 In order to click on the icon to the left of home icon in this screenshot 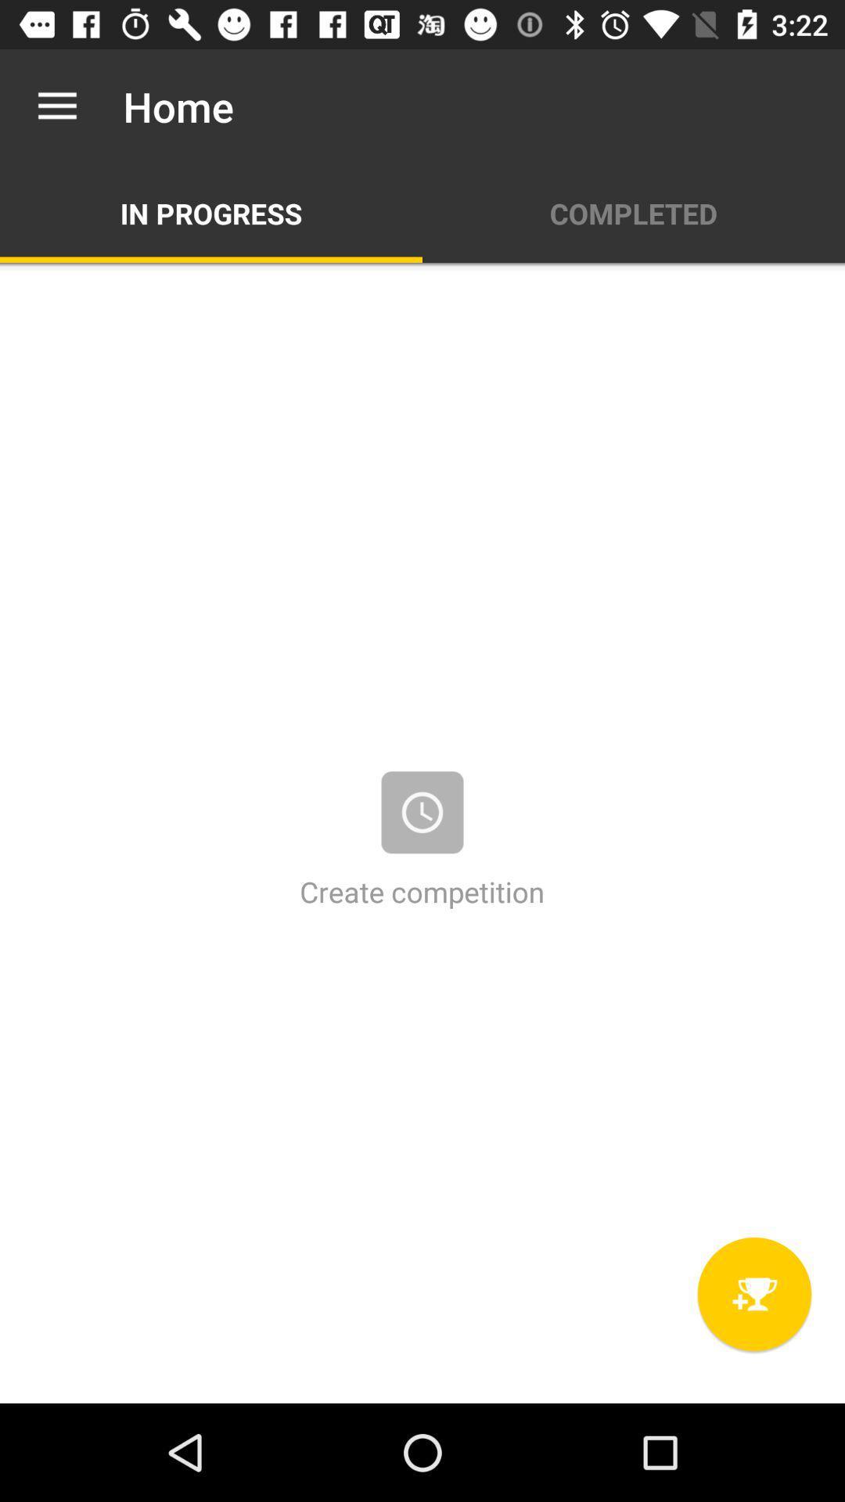, I will do `click(56, 106)`.